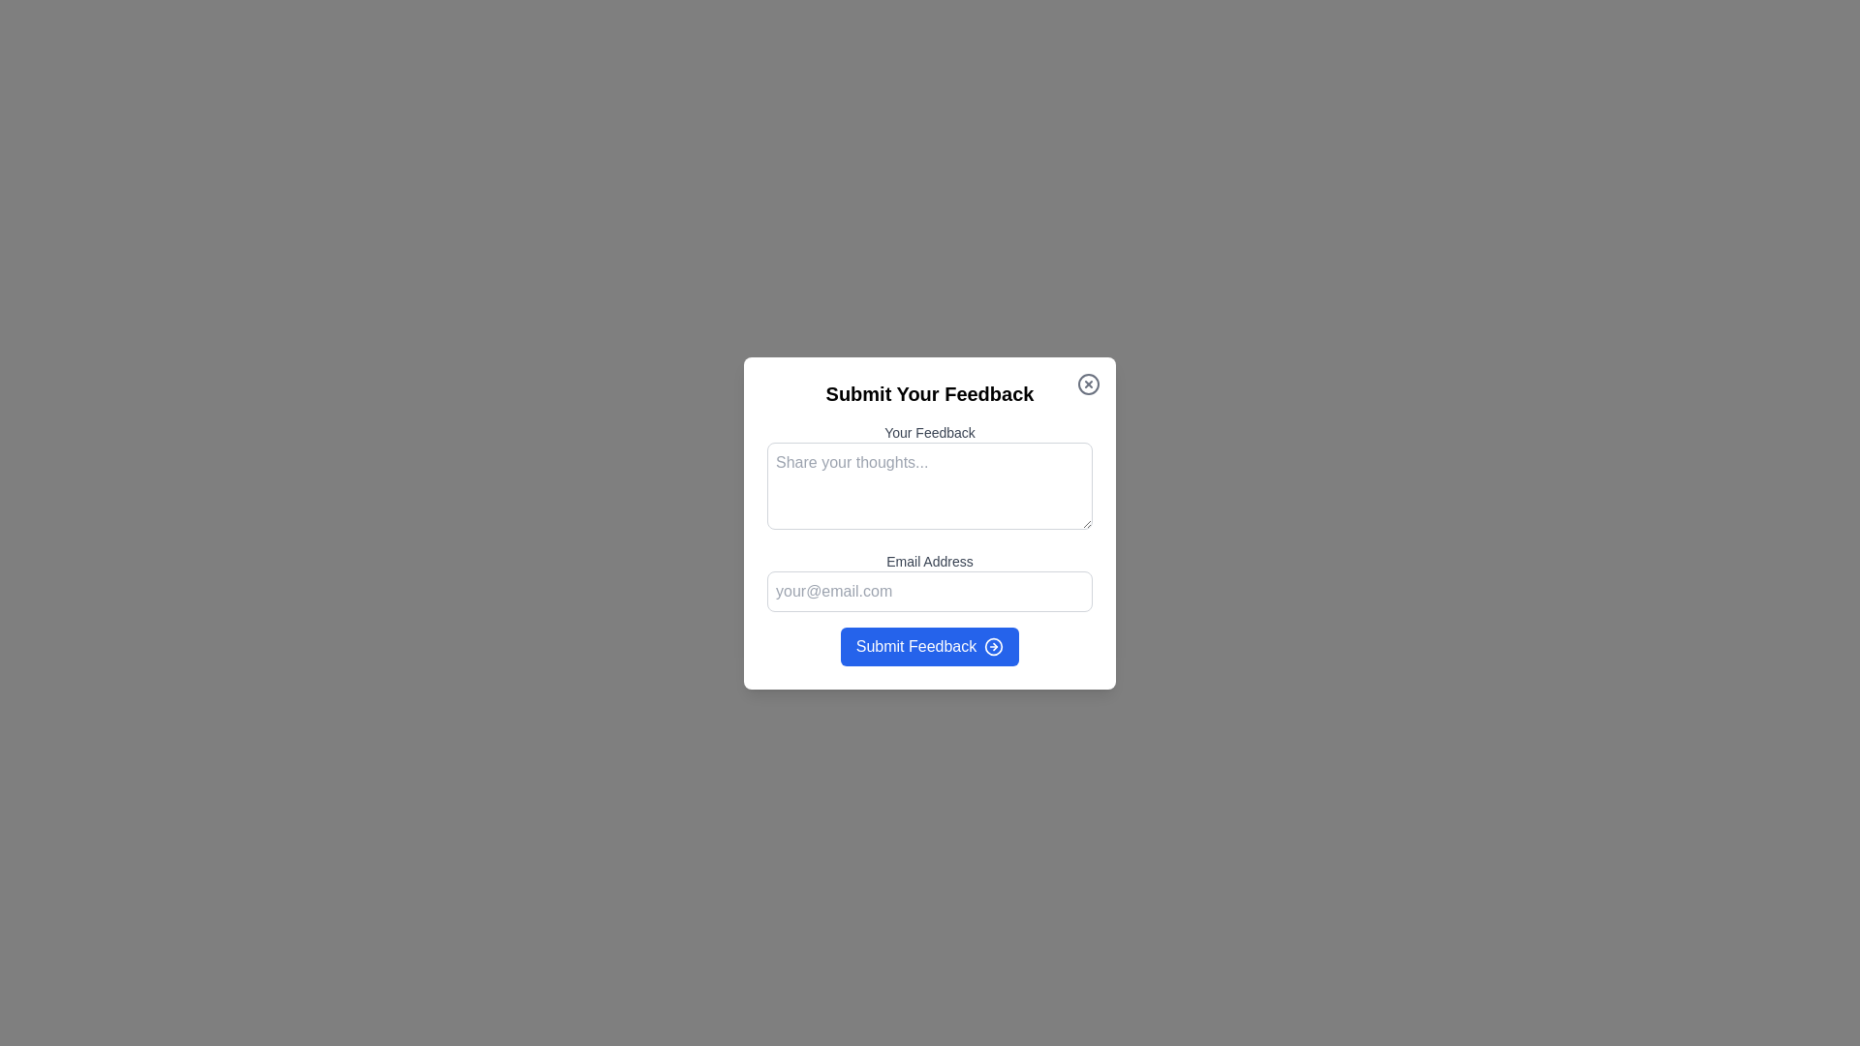  What do you see at coordinates (1088, 384) in the screenshot?
I see `the close button in the top-right corner of the dialog` at bounding box center [1088, 384].